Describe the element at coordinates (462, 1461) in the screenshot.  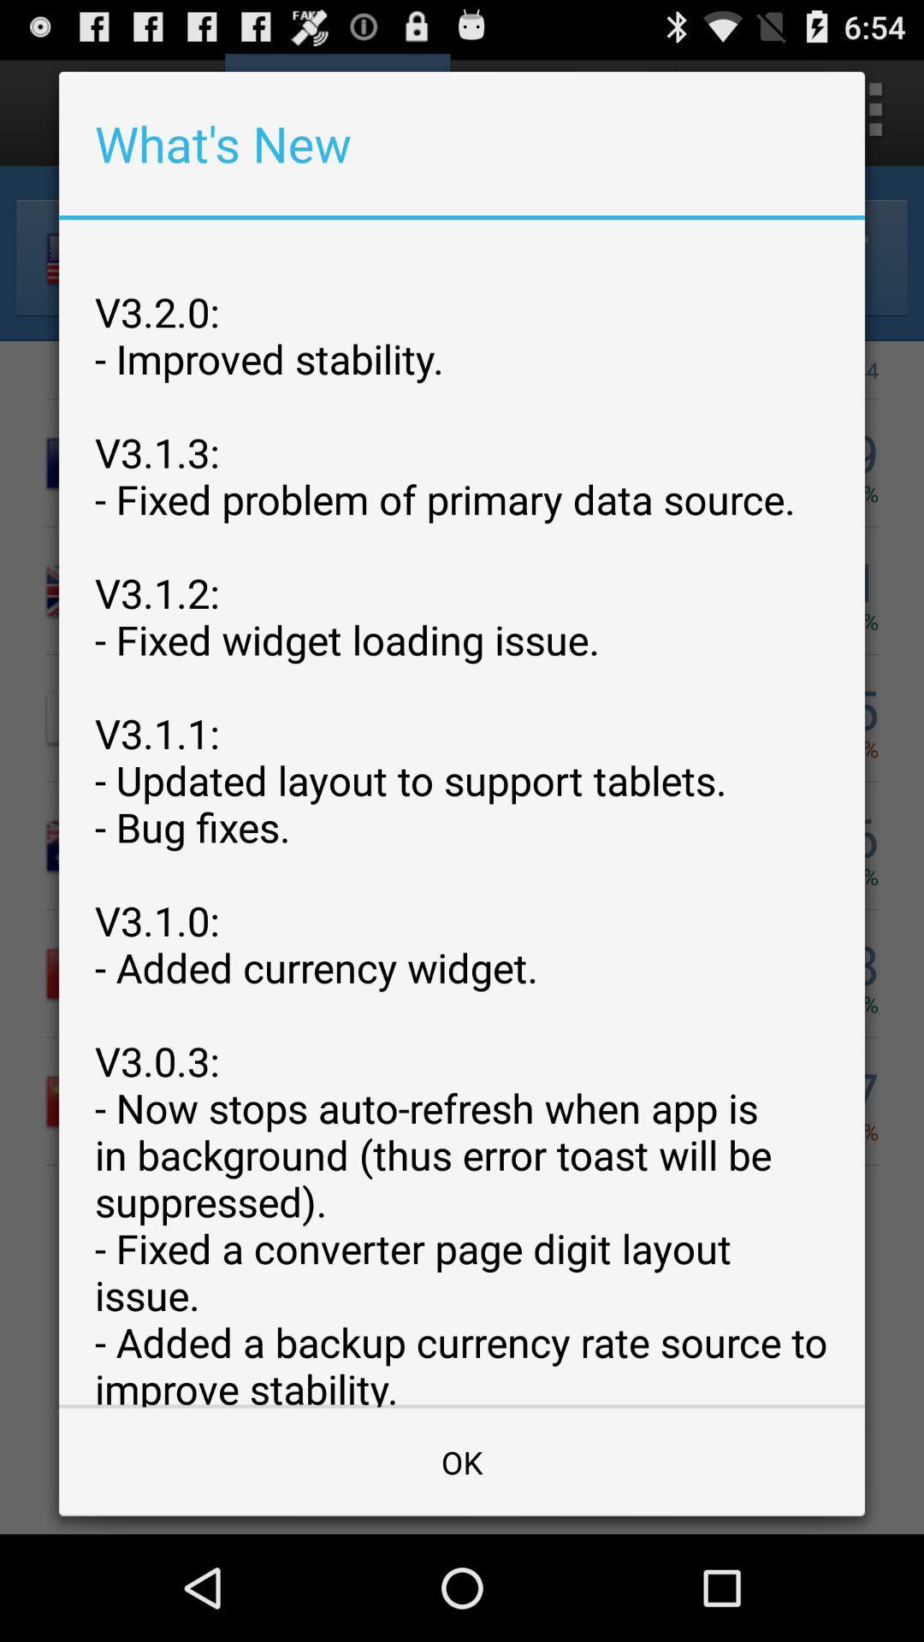
I see `the ok at the bottom` at that location.